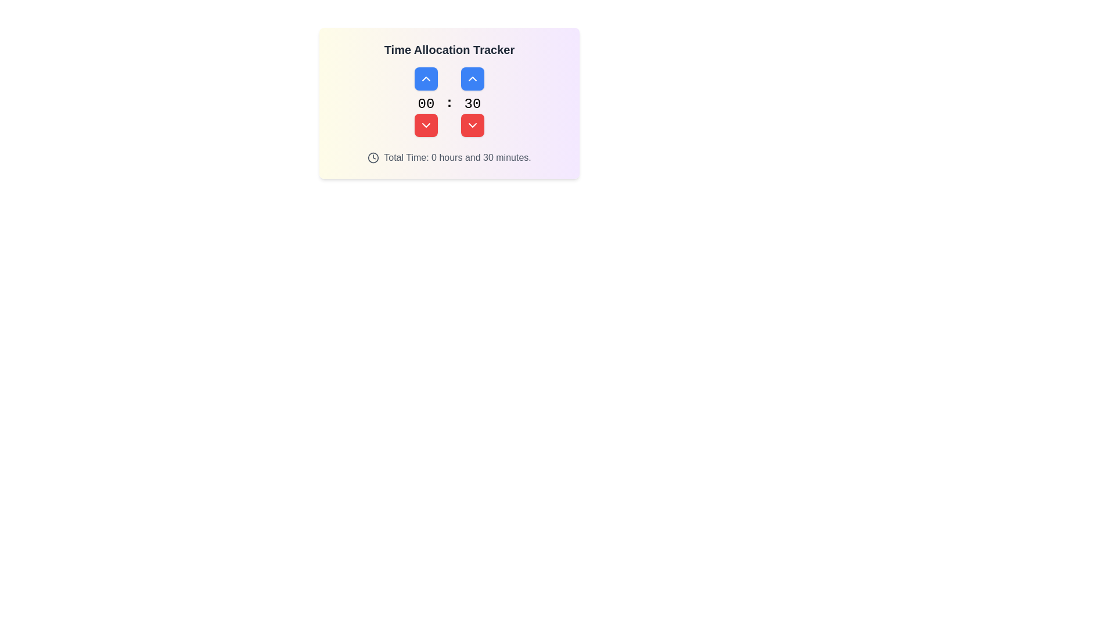  Describe the element at coordinates (448, 49) in the screenshot. I see `the prominent heading labeled 'Time Allocation Tracker' that is centrally aligned at the top of the time selection components box` at that location.